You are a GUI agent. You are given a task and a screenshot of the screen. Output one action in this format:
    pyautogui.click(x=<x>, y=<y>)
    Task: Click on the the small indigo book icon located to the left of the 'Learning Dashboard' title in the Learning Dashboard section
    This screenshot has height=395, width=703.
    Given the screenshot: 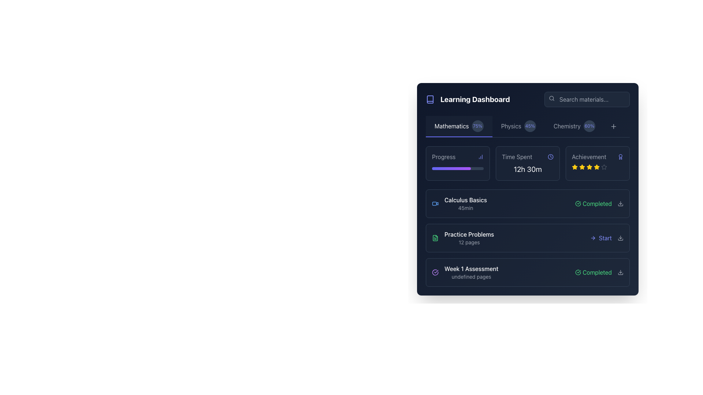 What is the action you would take?
    pyautogui.click(x=430, y=99)
    